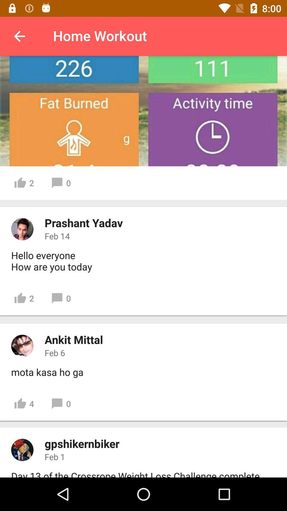 This screenshot has height=511, width=287. Describe the element at coordinates (22, 450) in the screenshot. I see `display picture` at that location.